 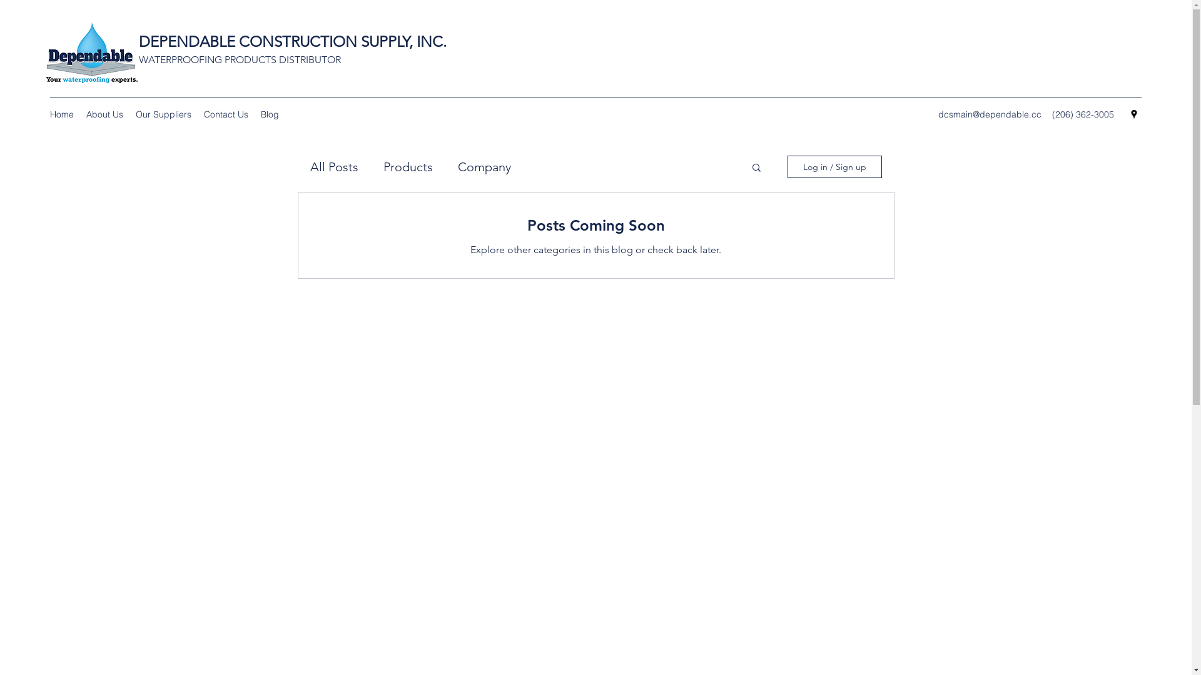 What do you see at coordinates (989, 114) in the screenshot?
I see `'dcsmain@dependable.cc'` at bounding box center [989, 114].